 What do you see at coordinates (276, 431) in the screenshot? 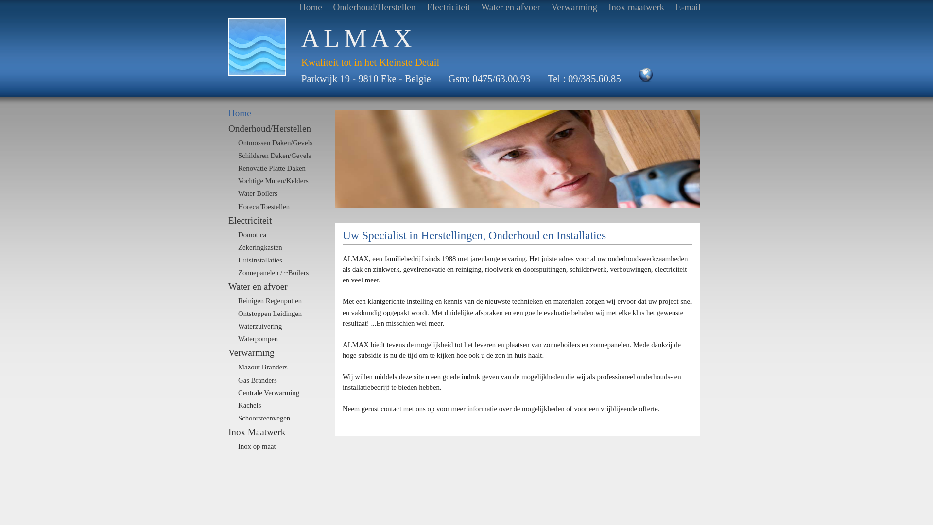
I see `'Inox Maatwerk'` at bounding box center [276, 431].